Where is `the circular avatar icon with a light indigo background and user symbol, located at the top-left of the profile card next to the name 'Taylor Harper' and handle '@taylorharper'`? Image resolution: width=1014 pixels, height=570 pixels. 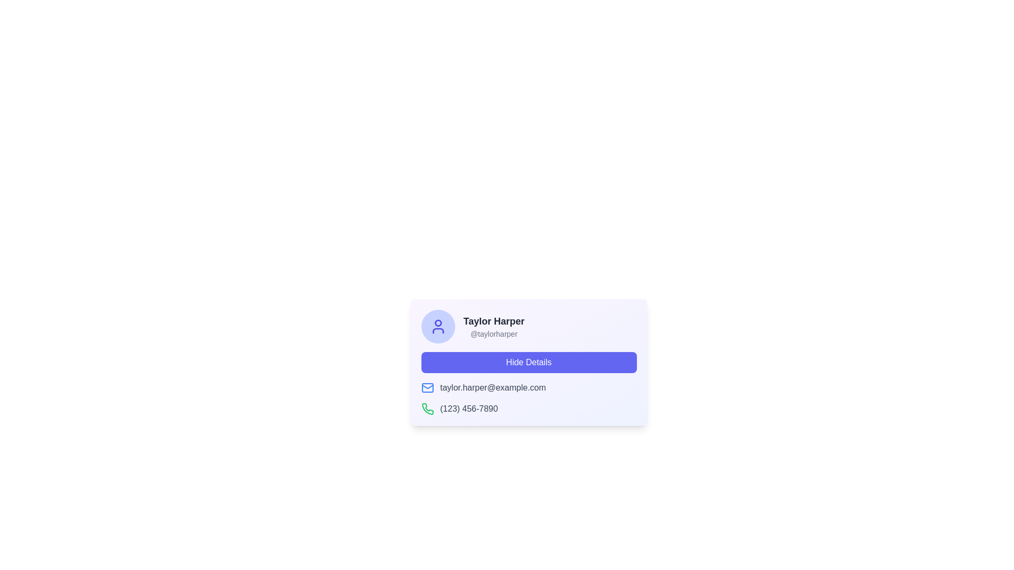
the circular avatar icon with a light indigo background and user symbol, located at the top-left of the profile card next to the name 'Taylor Harper' and handle '@taylorharper' is located at coordinates (438, 326).